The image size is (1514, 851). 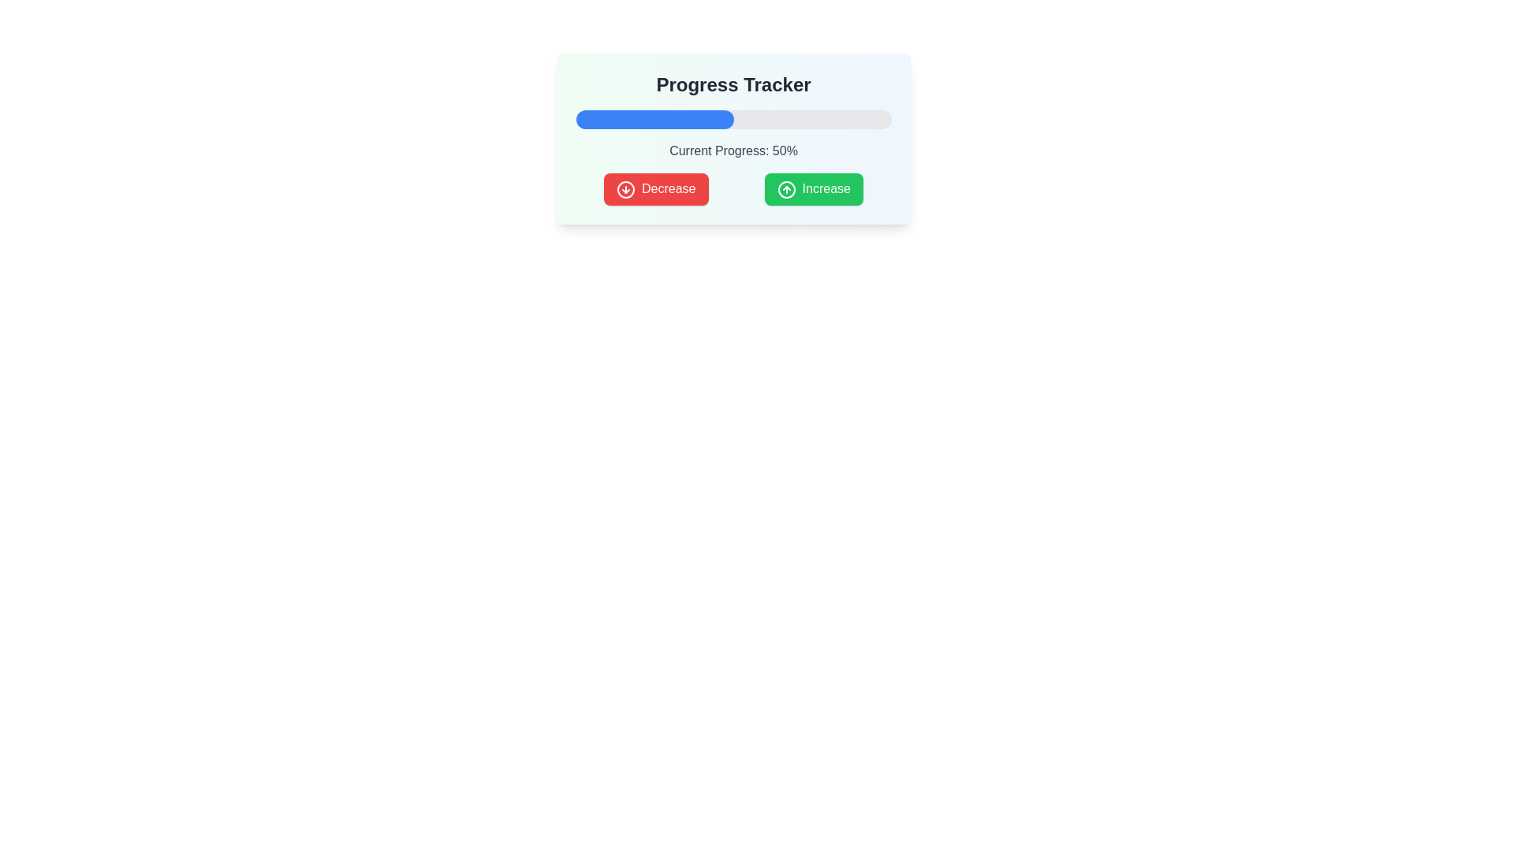 What do you see at coordinates (625, 188) in the screenshot?
I see `the decorative vector graphic that serves as a symbolic component within an icon, located to the left of the 'Decrease' button` at bounding box center [625, 188].